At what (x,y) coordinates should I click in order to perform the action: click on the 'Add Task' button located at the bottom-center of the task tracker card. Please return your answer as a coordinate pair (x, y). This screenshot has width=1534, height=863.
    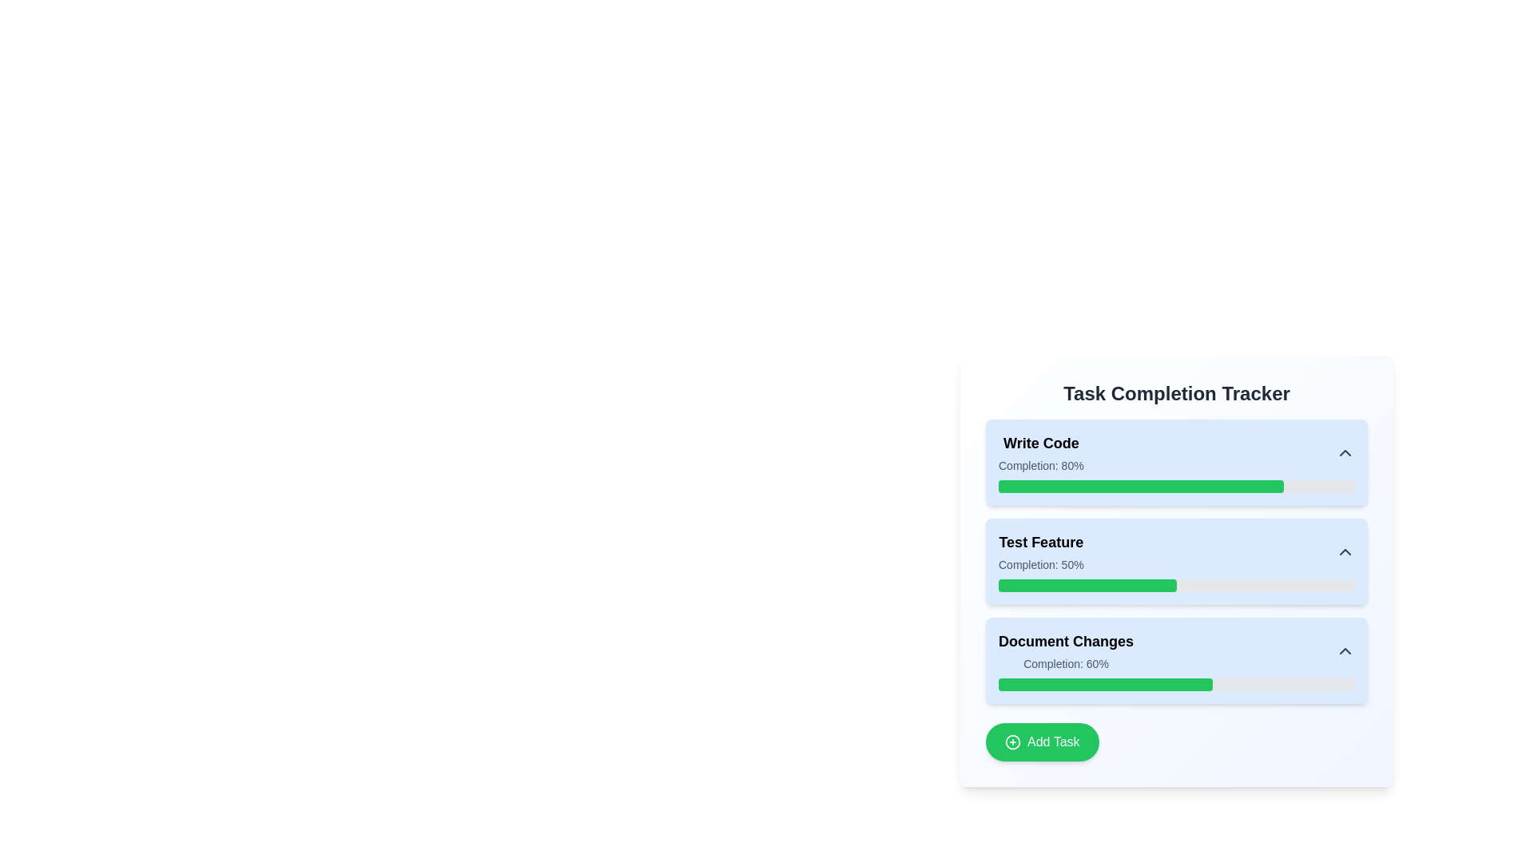
    Looking at the image, I should click on (1042, 742).